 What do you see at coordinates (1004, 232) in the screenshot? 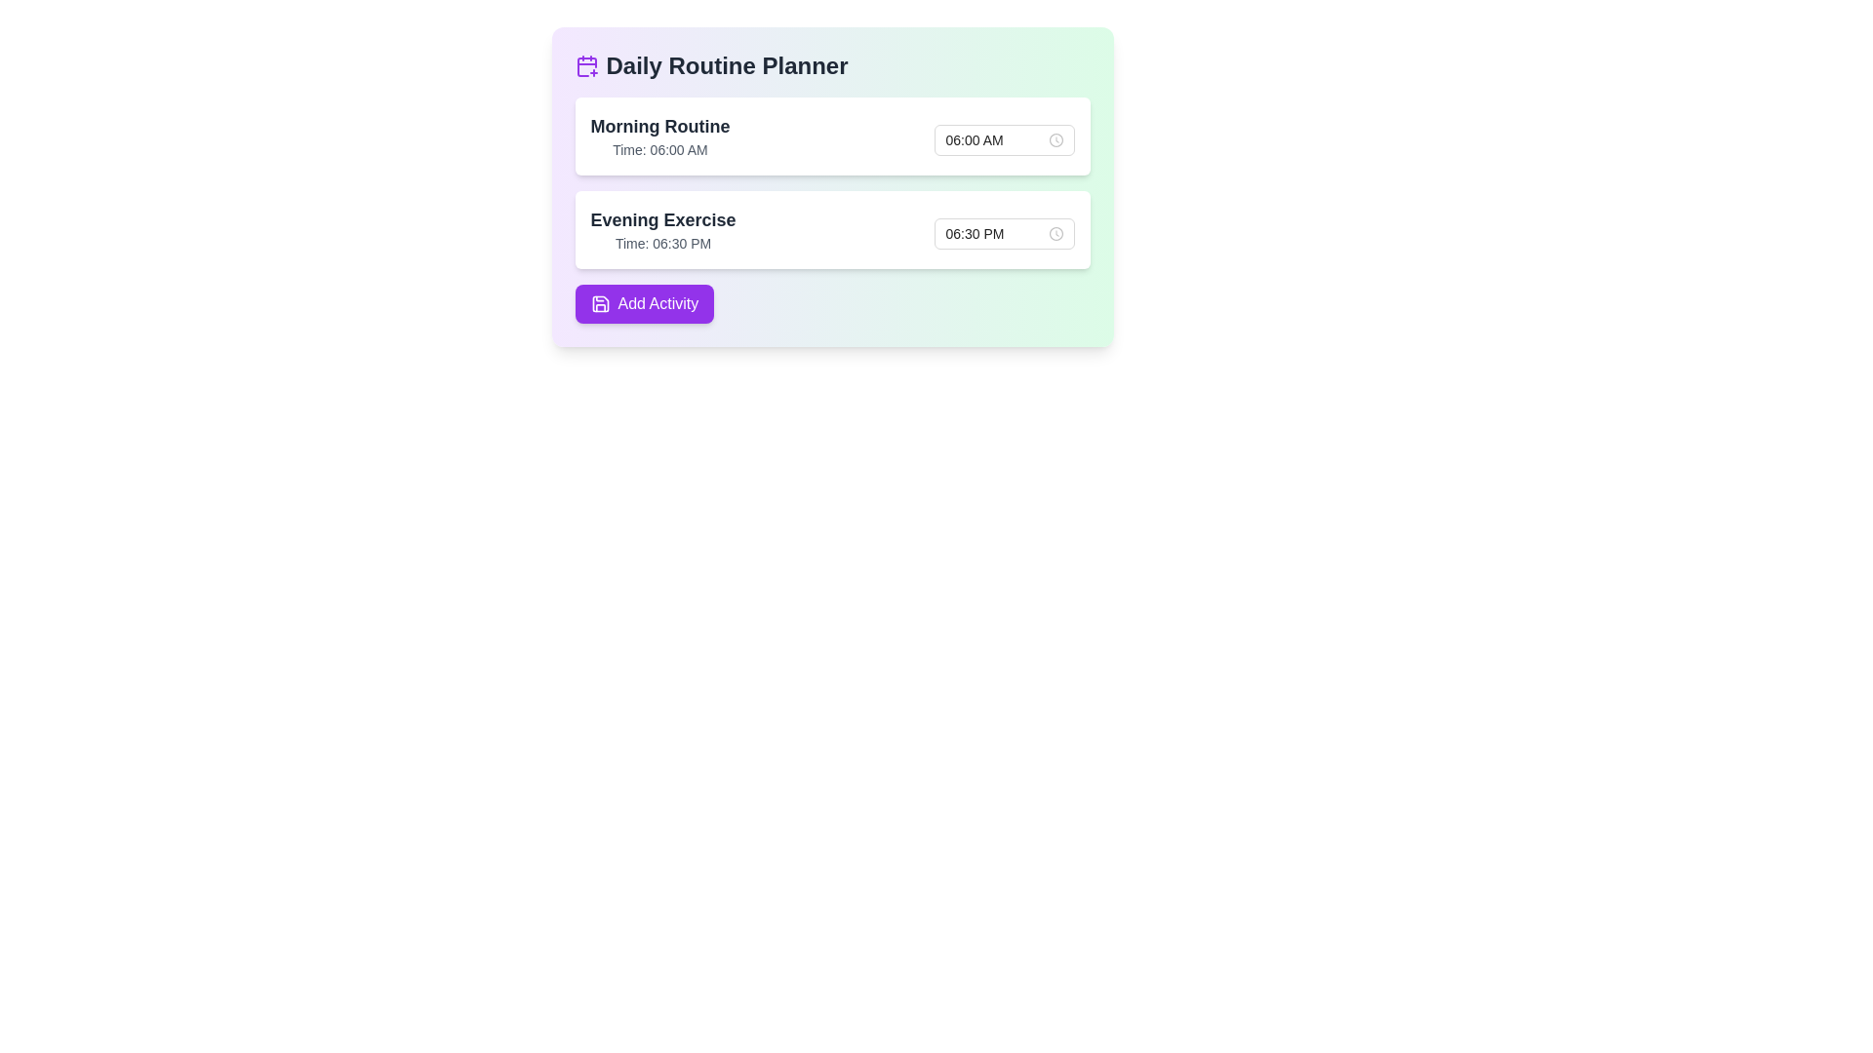
I see `the Time Picker Input for the 'Evening Exercise' routine` at bounding box center [1004, 232].